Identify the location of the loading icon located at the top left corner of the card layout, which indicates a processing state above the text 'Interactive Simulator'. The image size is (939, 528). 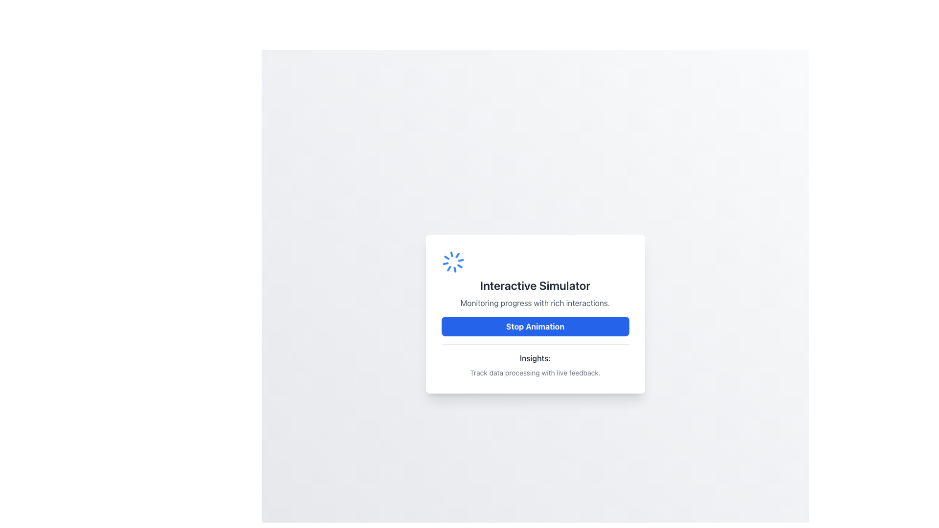
(452, 261).